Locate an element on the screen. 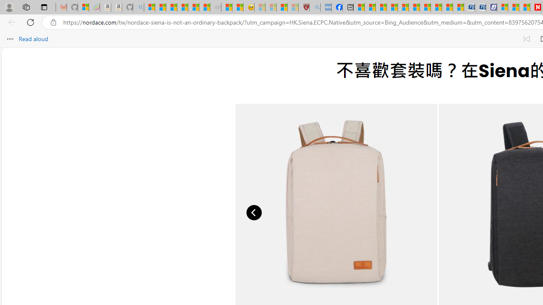 This screenshot has width=543, height=305. 'Microsoft account | Privacy' is located at coordinates (502, 7).